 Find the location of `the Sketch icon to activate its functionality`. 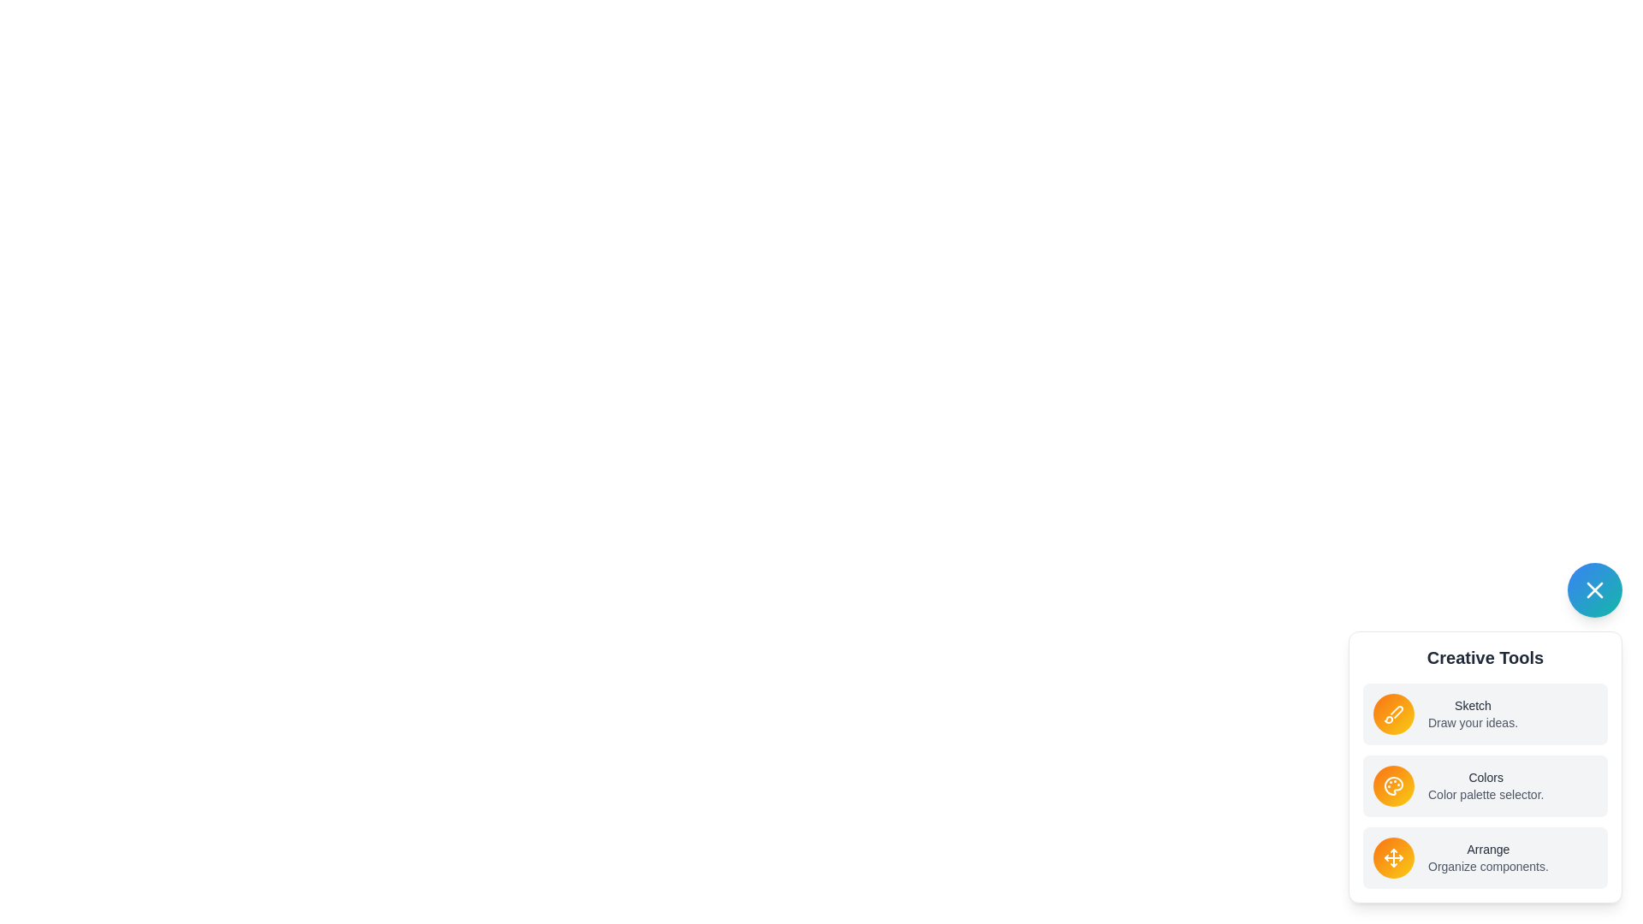

the Sketch icon to activate its functionality is located at coordinates (1393, 714).